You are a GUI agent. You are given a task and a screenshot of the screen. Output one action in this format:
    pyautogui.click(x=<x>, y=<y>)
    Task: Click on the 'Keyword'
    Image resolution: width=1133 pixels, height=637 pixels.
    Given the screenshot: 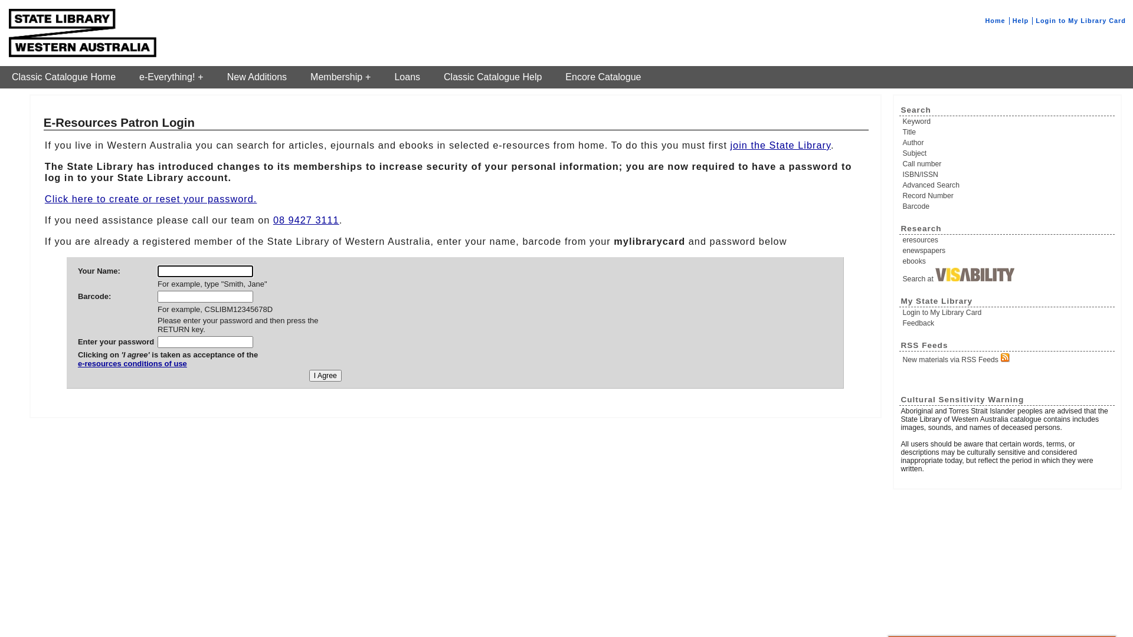 What is the action you would take?
    pyautogui.click(x=902, y=121)
    